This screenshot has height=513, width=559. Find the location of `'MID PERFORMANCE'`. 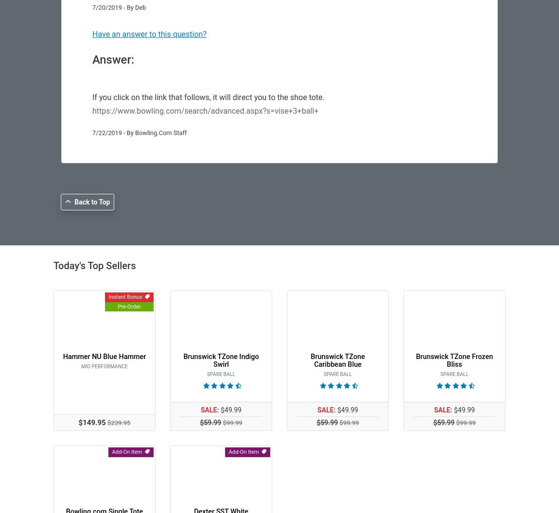

'MID PERFORMANCE' is located at coordinates (80, 365).